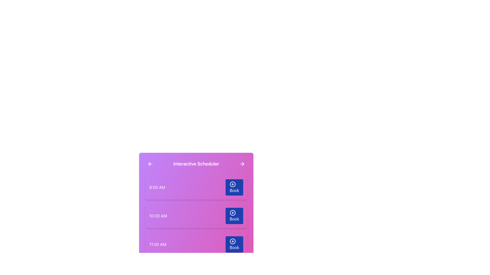 This screenshot has height=275, width=490. I want to click on the first text label indicating a time slot in the vertically stacked list, which is adjacent to a blue 'Book' button, so click(157, 187).